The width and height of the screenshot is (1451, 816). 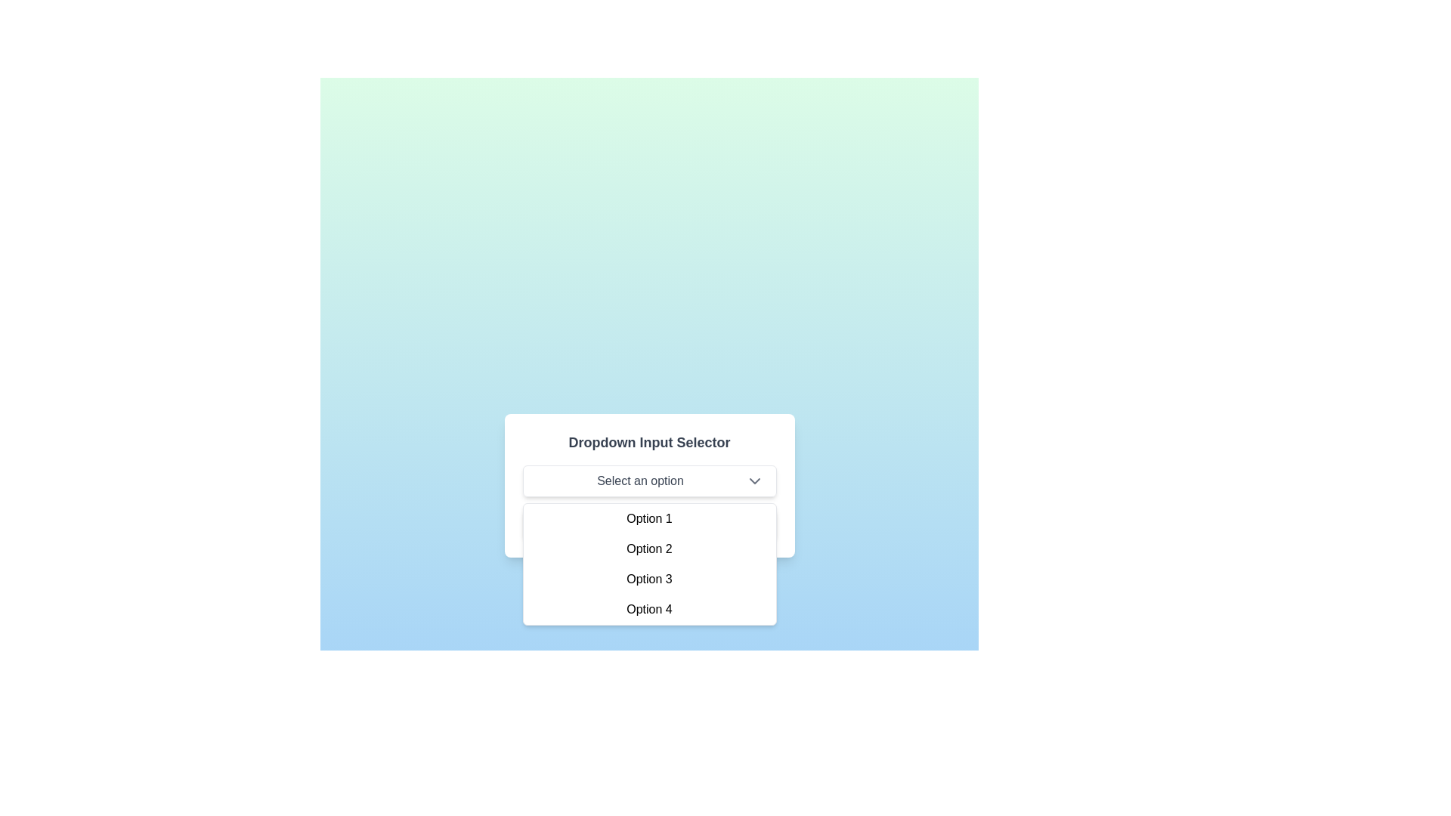 I want to click on the text label that reads 'Option 3' in the dropdown list, so click(x=649, y=579).